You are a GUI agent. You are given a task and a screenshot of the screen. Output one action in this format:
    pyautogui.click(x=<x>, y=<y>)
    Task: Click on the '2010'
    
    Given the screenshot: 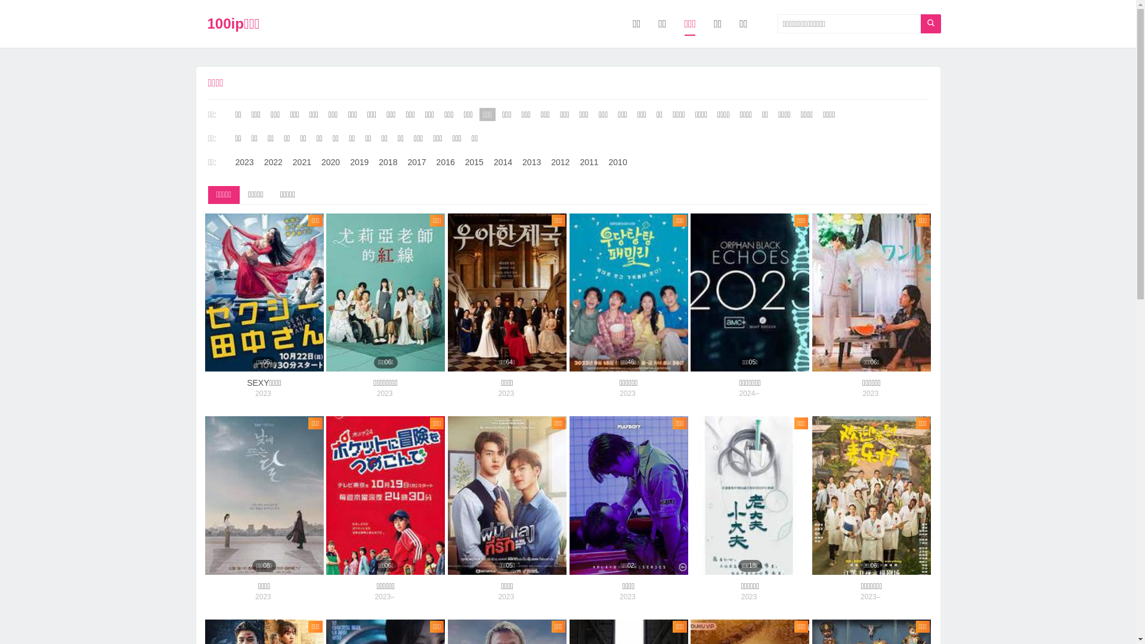 What is the action you would take?
    pyautogui.click(x=605, y=162)
    